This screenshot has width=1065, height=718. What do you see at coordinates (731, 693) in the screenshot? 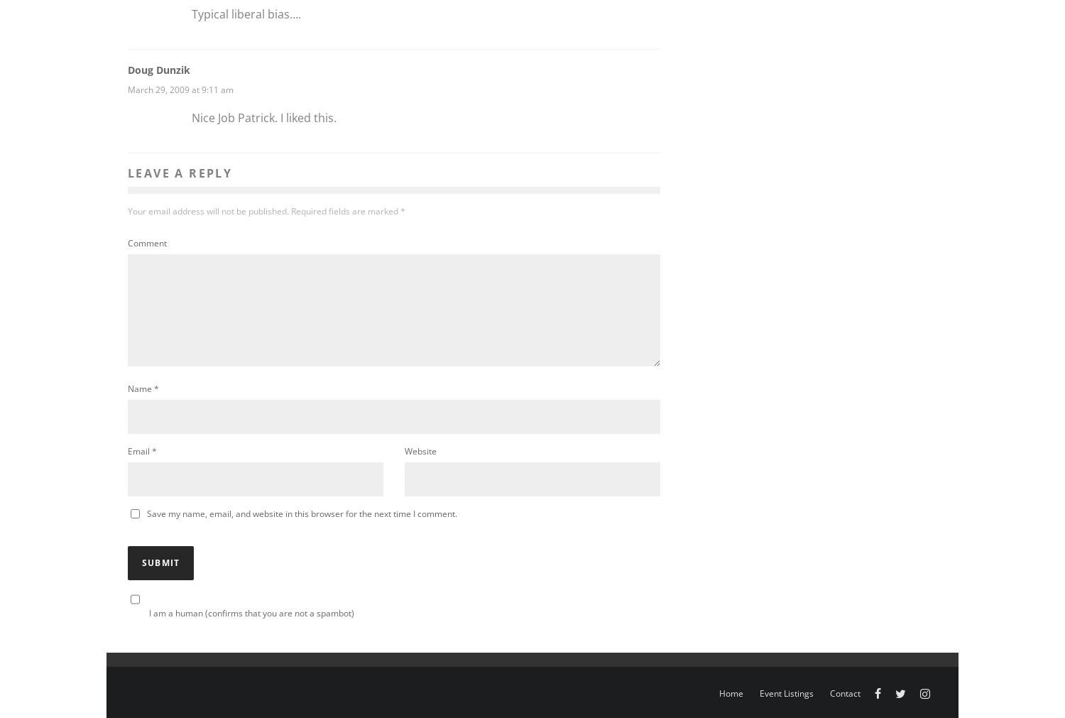
I see `'Home'` at bounding box center [731, 693].